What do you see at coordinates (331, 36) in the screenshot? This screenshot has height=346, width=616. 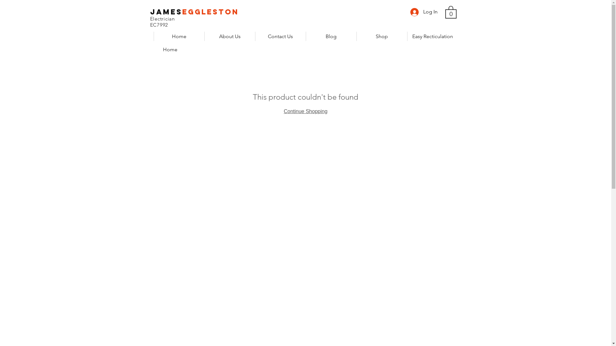 I see `'Blog'` at bounding box center [331, 36].